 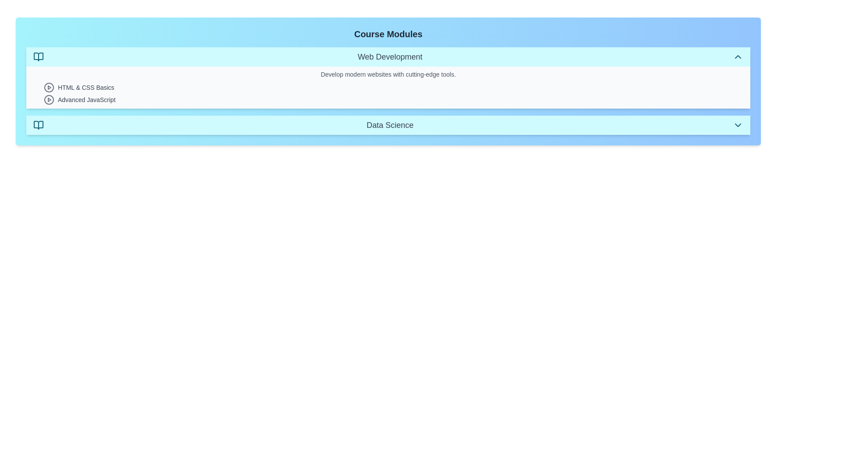 What do you see at coordinates (389, 125) in the screenshot?
I see `the Text label that indicates a specific category or module in the navigation menu, located in a row with an icon on the left and a dropdown indicator on the right` at bounding box center [389, 125].